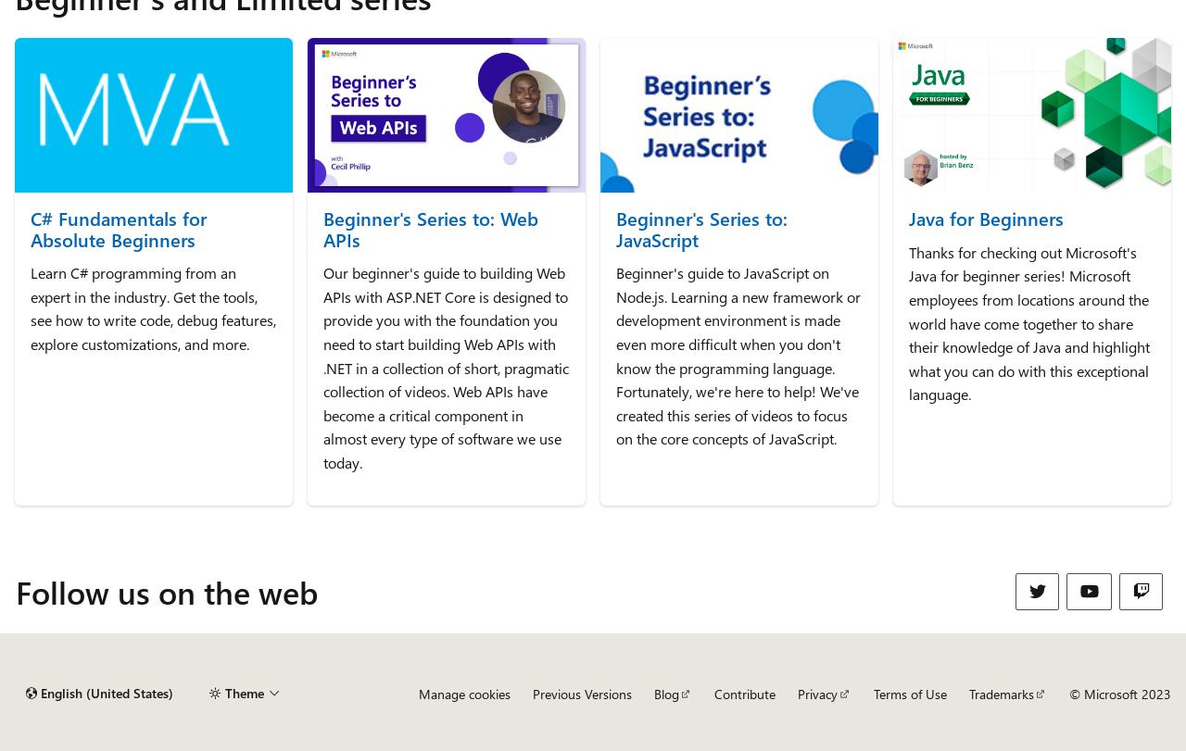 This screenshot has width=1186, height=751. What do you see at coordinates (166, 590) in the screenshot?
I see `'Follow us on the web'` at bounding box center [166, 590].